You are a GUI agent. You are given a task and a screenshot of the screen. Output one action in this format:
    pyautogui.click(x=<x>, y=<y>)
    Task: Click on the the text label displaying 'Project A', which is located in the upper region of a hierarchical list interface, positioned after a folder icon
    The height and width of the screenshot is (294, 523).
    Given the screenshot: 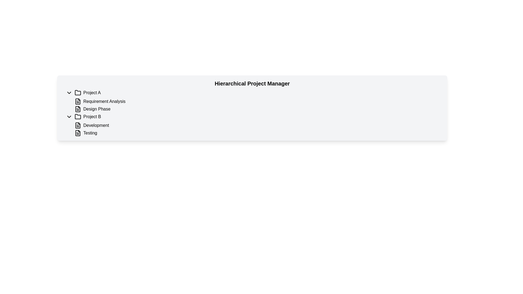 What is the action you would take?
    pyautogui.click(x=92, y=92)
    